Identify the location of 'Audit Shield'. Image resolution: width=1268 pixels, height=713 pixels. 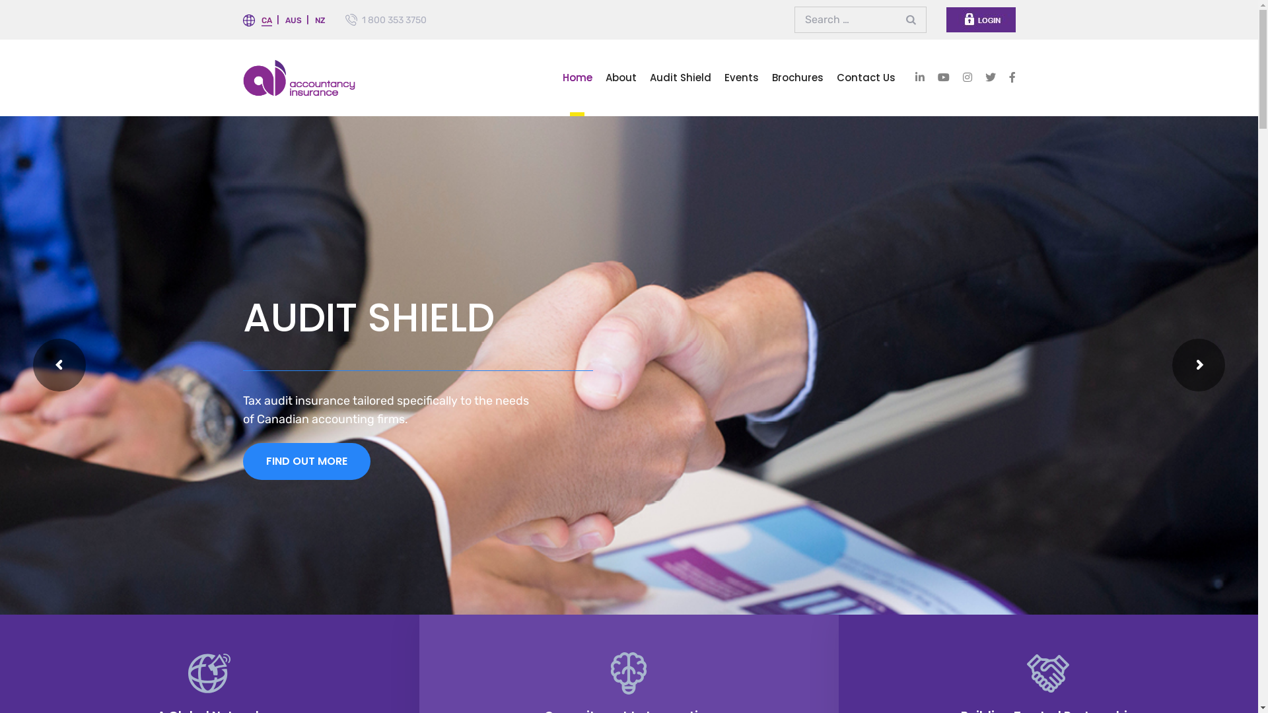
(680, 77).